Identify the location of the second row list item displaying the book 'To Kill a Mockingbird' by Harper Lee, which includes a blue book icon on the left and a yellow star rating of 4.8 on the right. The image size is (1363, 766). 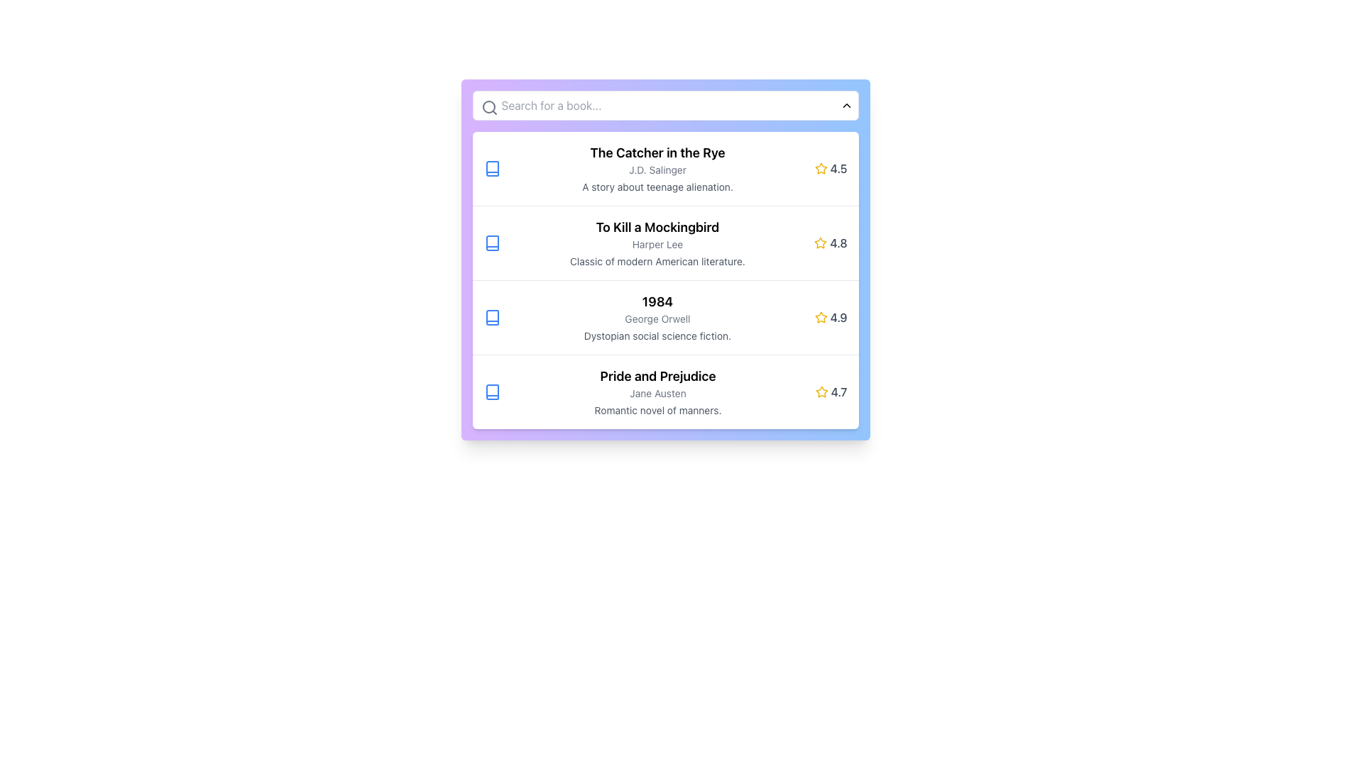
(664, 242).